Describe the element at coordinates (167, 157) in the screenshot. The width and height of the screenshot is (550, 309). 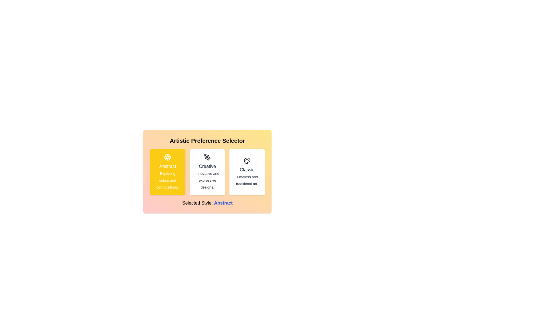
I see `the icon for the artistic style Abstract` at that location.